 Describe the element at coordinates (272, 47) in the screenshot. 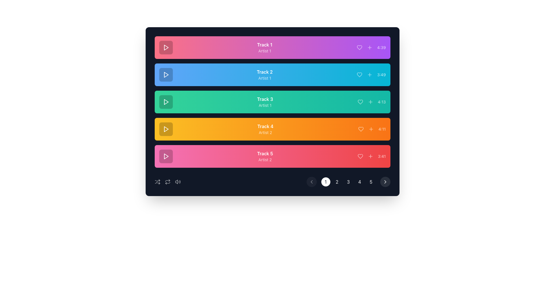

I see `the first track entry in the playlist interface` at that location.